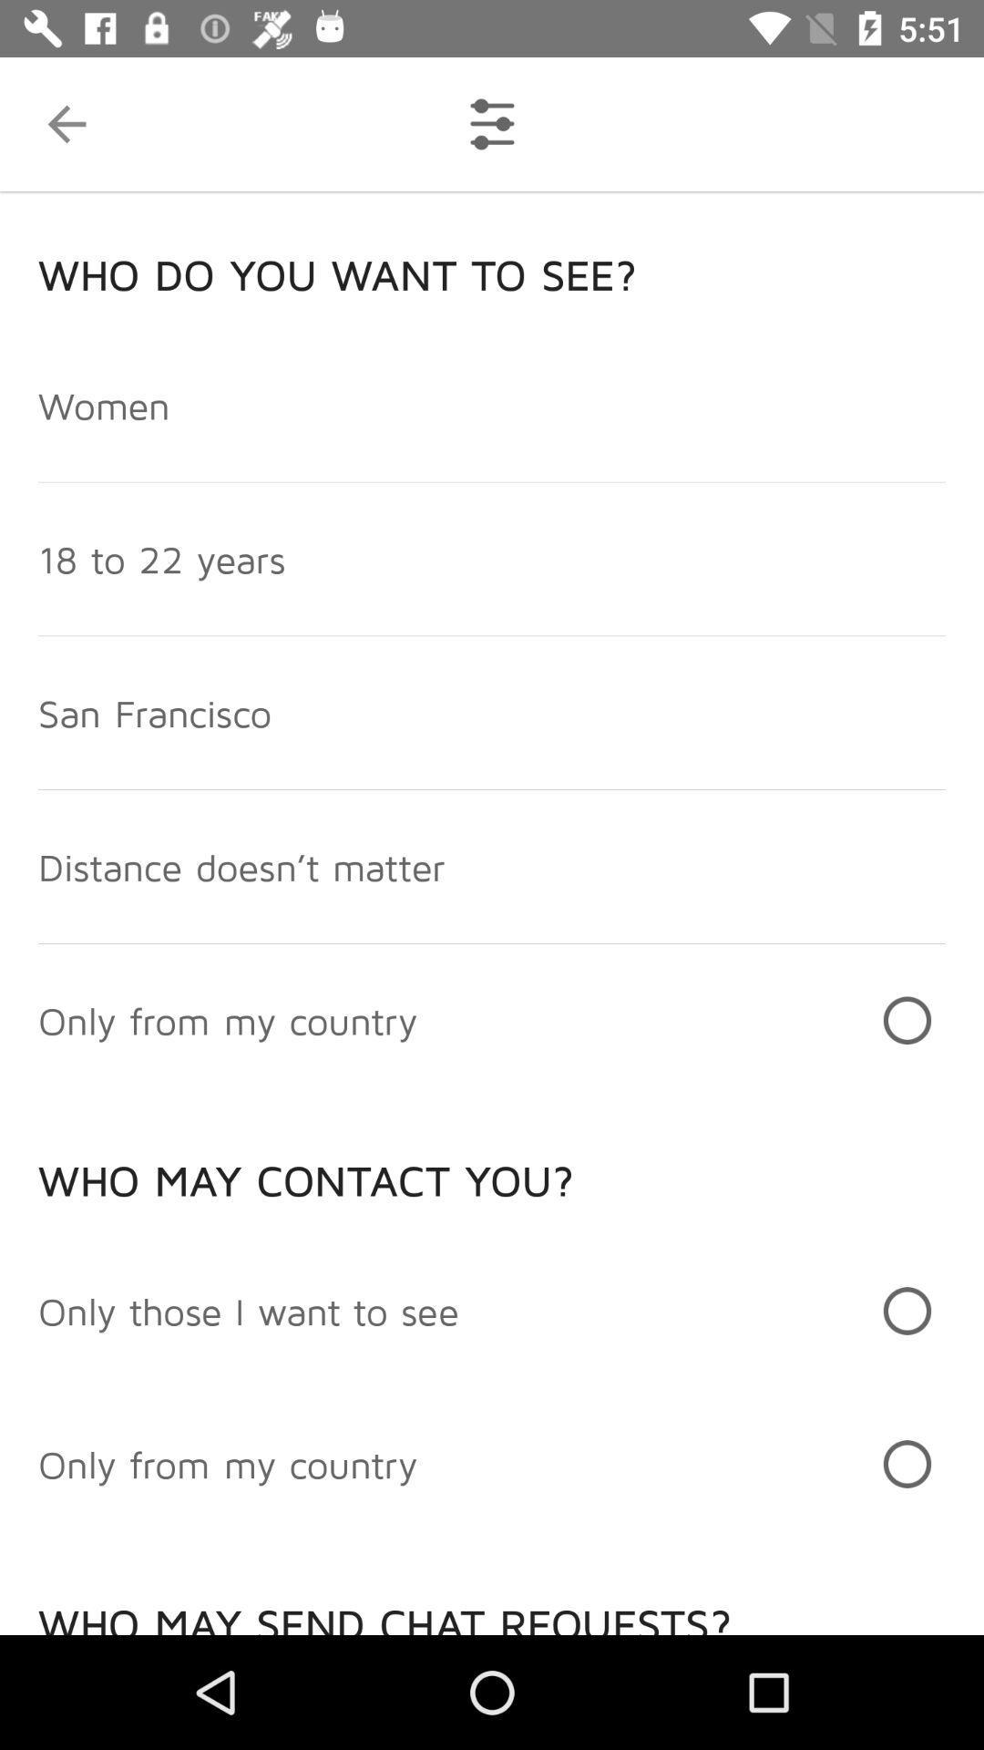 Image resolution: width=984 pixels, height=1750 pixels. What do you see at coordinates (241, 865) in the screenshot?
I see `the distance doesn t icon` at bounding box center [241, 865].